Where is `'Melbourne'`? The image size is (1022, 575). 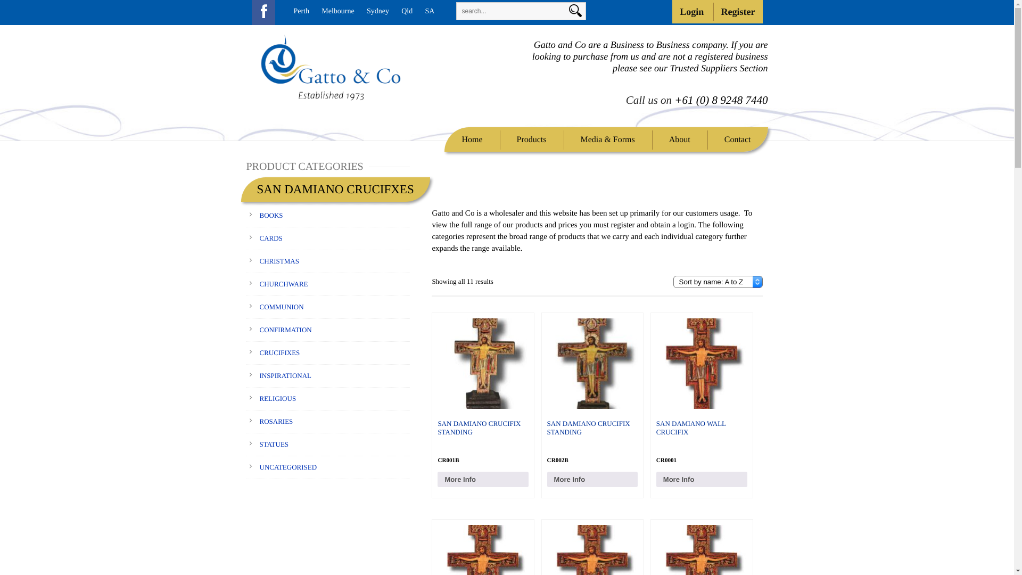
'Melbourne' is located at coordinates (337, 11).